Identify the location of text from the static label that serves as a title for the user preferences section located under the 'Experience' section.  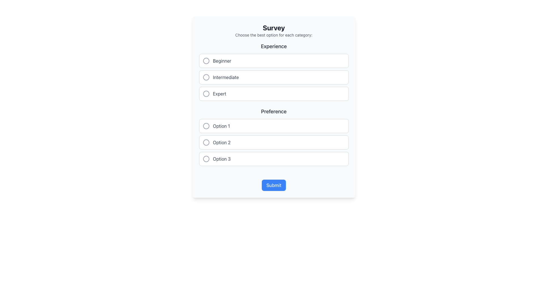
(274, 111).